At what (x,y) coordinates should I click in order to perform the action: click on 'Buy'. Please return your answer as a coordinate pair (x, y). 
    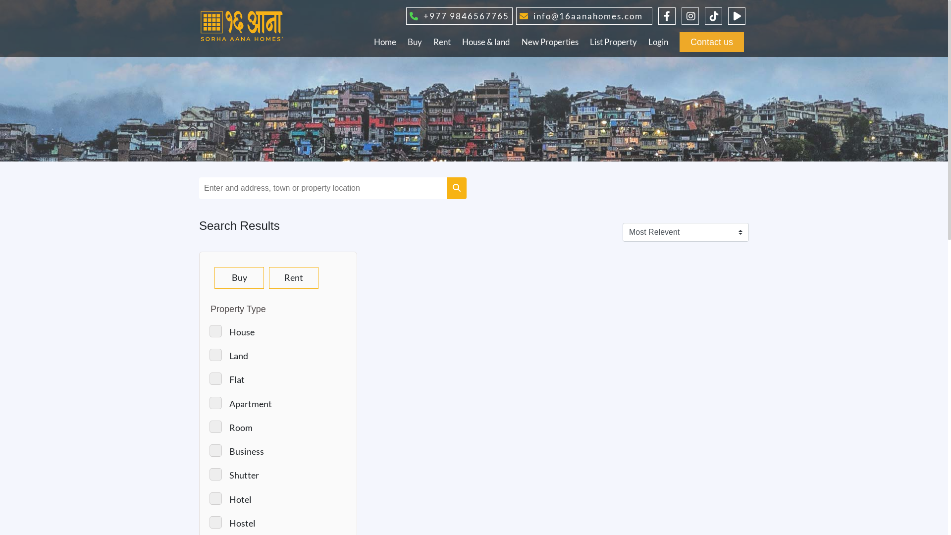
    Looking at the image, I should click on (415, 41).